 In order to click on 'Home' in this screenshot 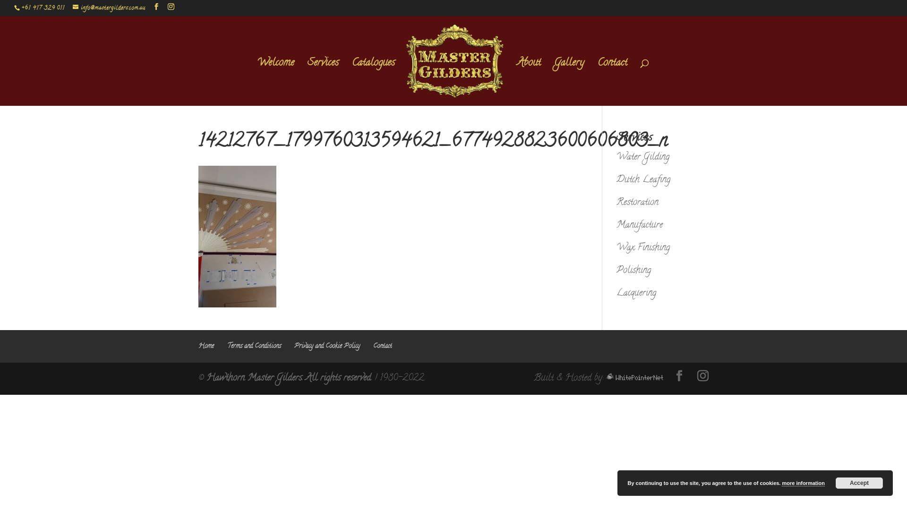, I will do `click(205, 346)`.